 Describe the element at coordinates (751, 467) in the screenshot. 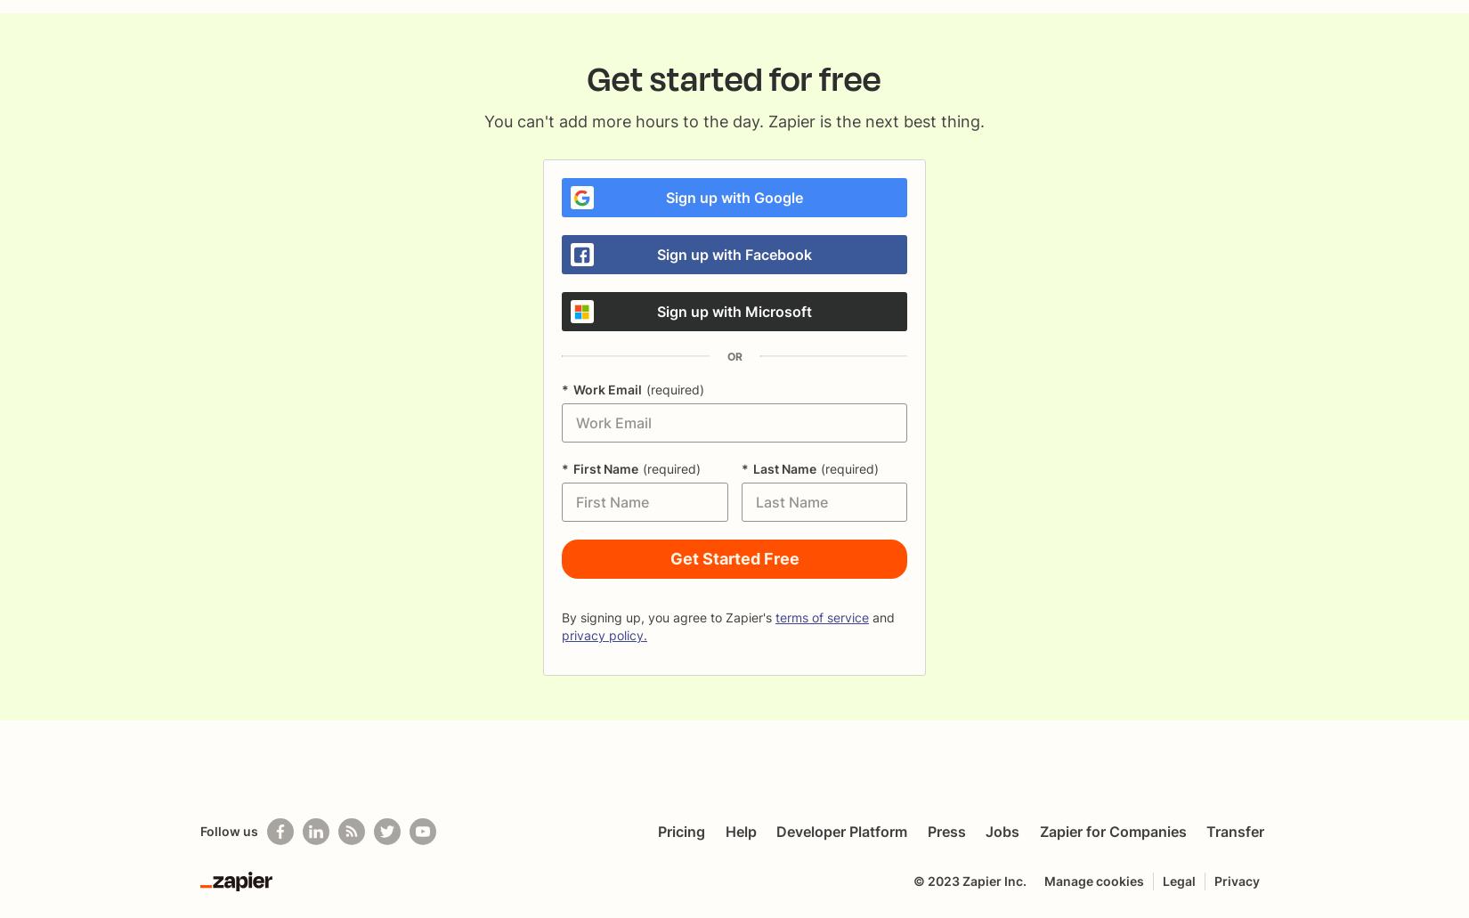

I see `'Last Name'` at that location.